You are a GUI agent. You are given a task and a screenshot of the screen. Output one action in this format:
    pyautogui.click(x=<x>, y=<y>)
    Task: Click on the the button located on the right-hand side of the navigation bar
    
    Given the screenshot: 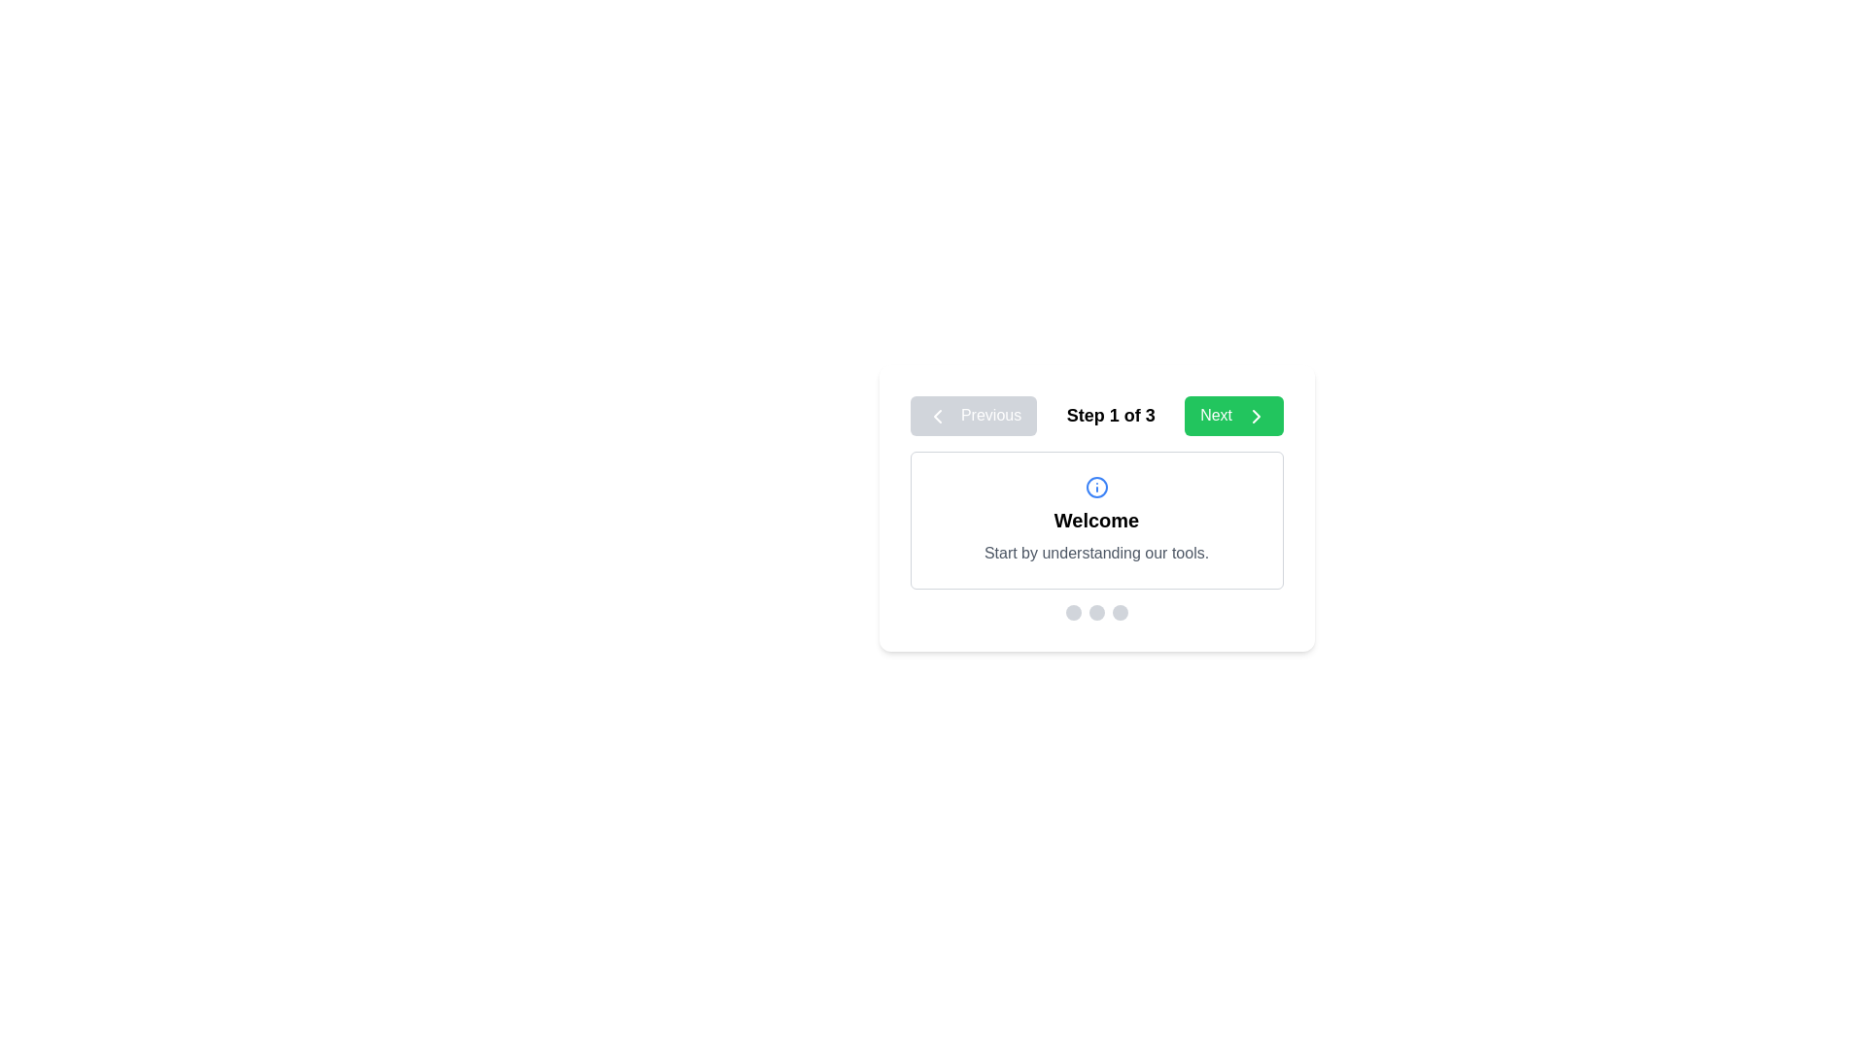 What is the action you would take?
    pyautogui.click(x=1232, y=415)
    